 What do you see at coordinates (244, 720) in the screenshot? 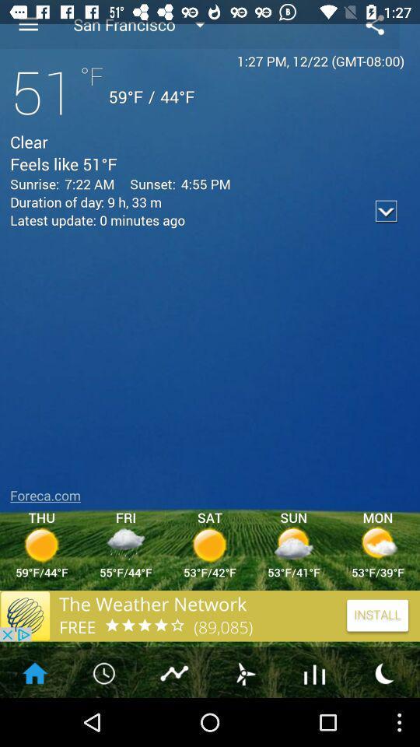
I see `the weather icon` at bounding box center [244, 720].